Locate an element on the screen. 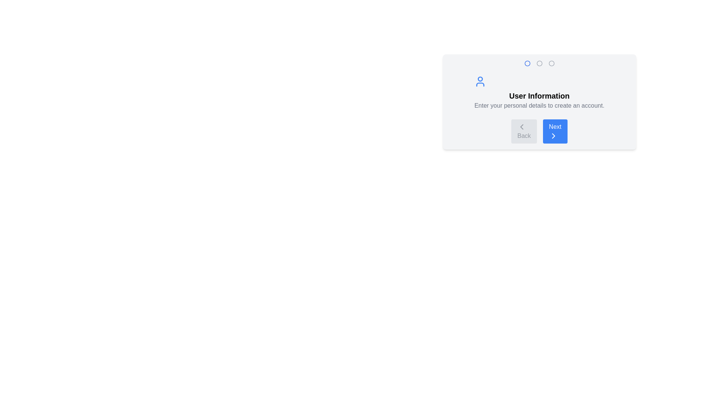 This screenshot has height=408, width=725. the 'Next' button to proceed to the next step is located at coordinates (555, 131).